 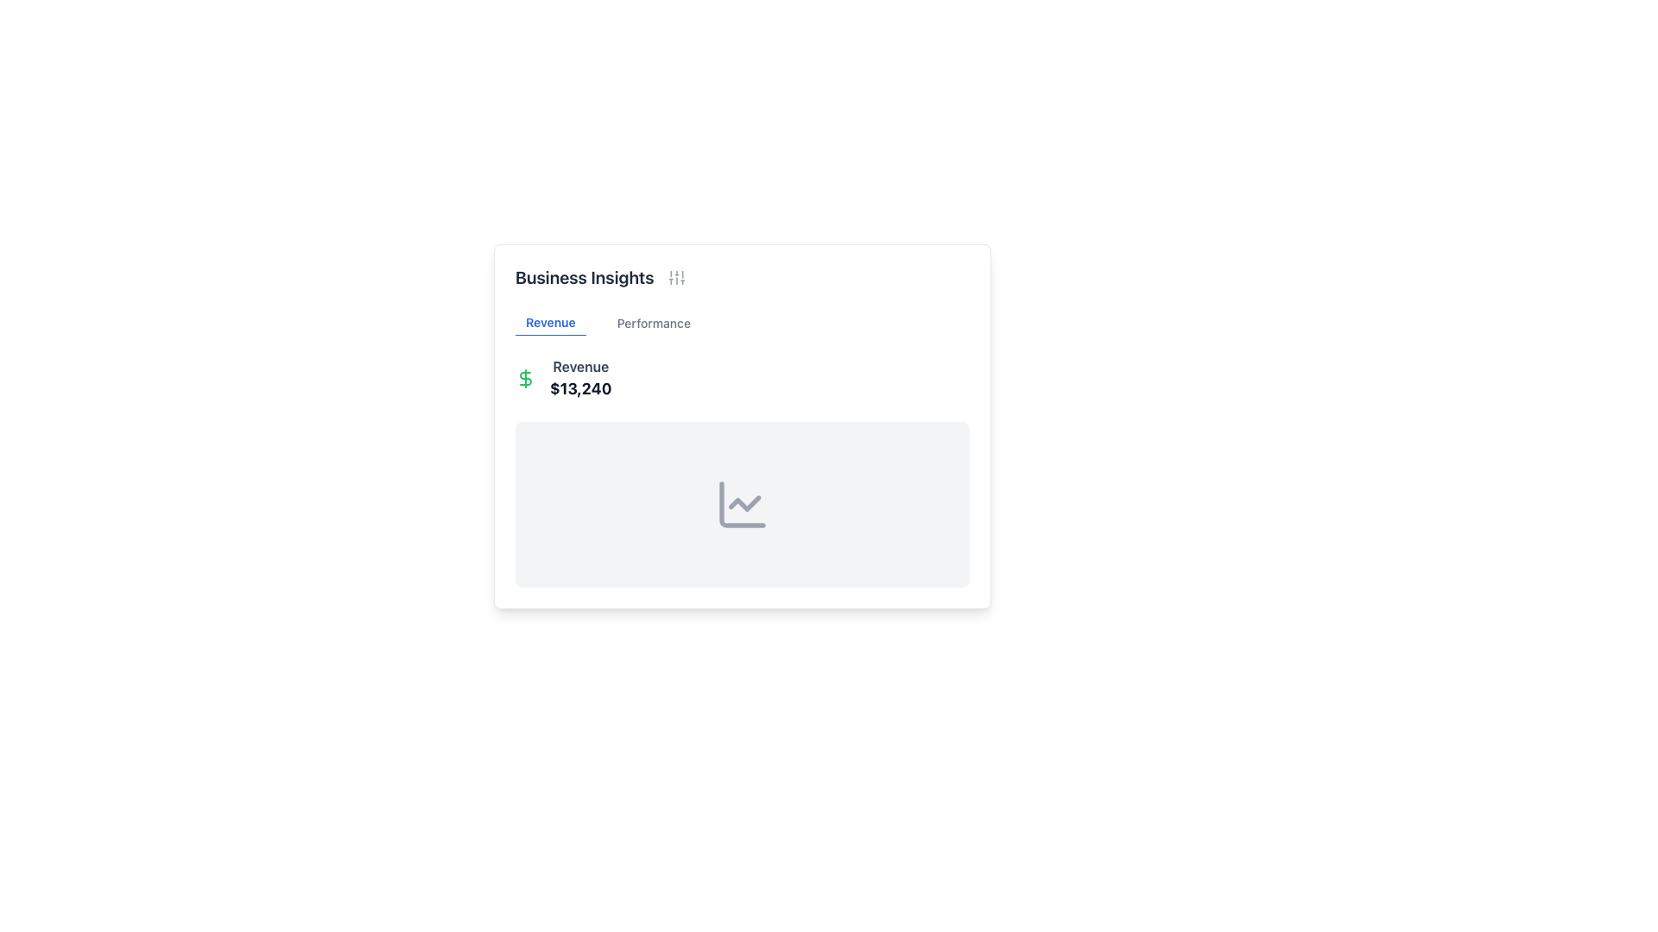 What do you see at coordinates (580, 365) in the screenshot?
I see `the 'Revenue' text label, which is bolded and dark gray, positioned above the '$13,240' value within a card-like component` at bounding box center [580, 365].